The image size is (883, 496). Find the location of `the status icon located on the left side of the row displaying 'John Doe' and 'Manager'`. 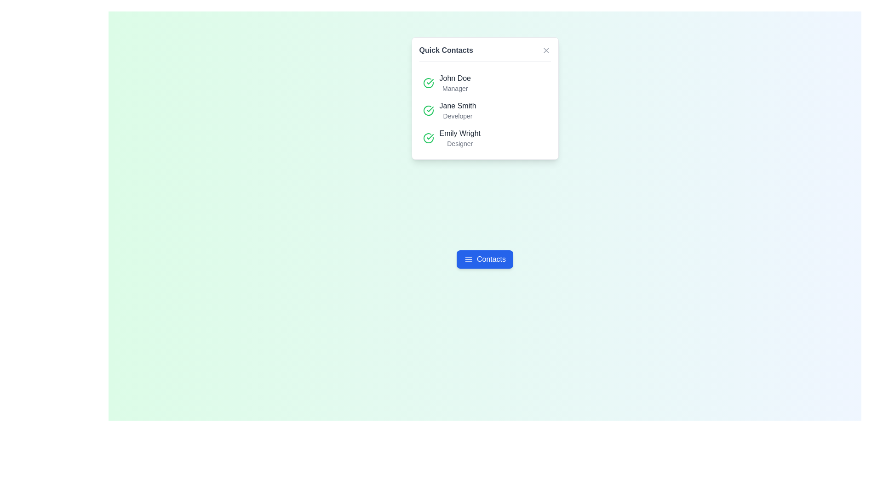

the status icon located on the left side of the row displaying 'John Doe' and 'Manager' is located at coordinates (428, 83).